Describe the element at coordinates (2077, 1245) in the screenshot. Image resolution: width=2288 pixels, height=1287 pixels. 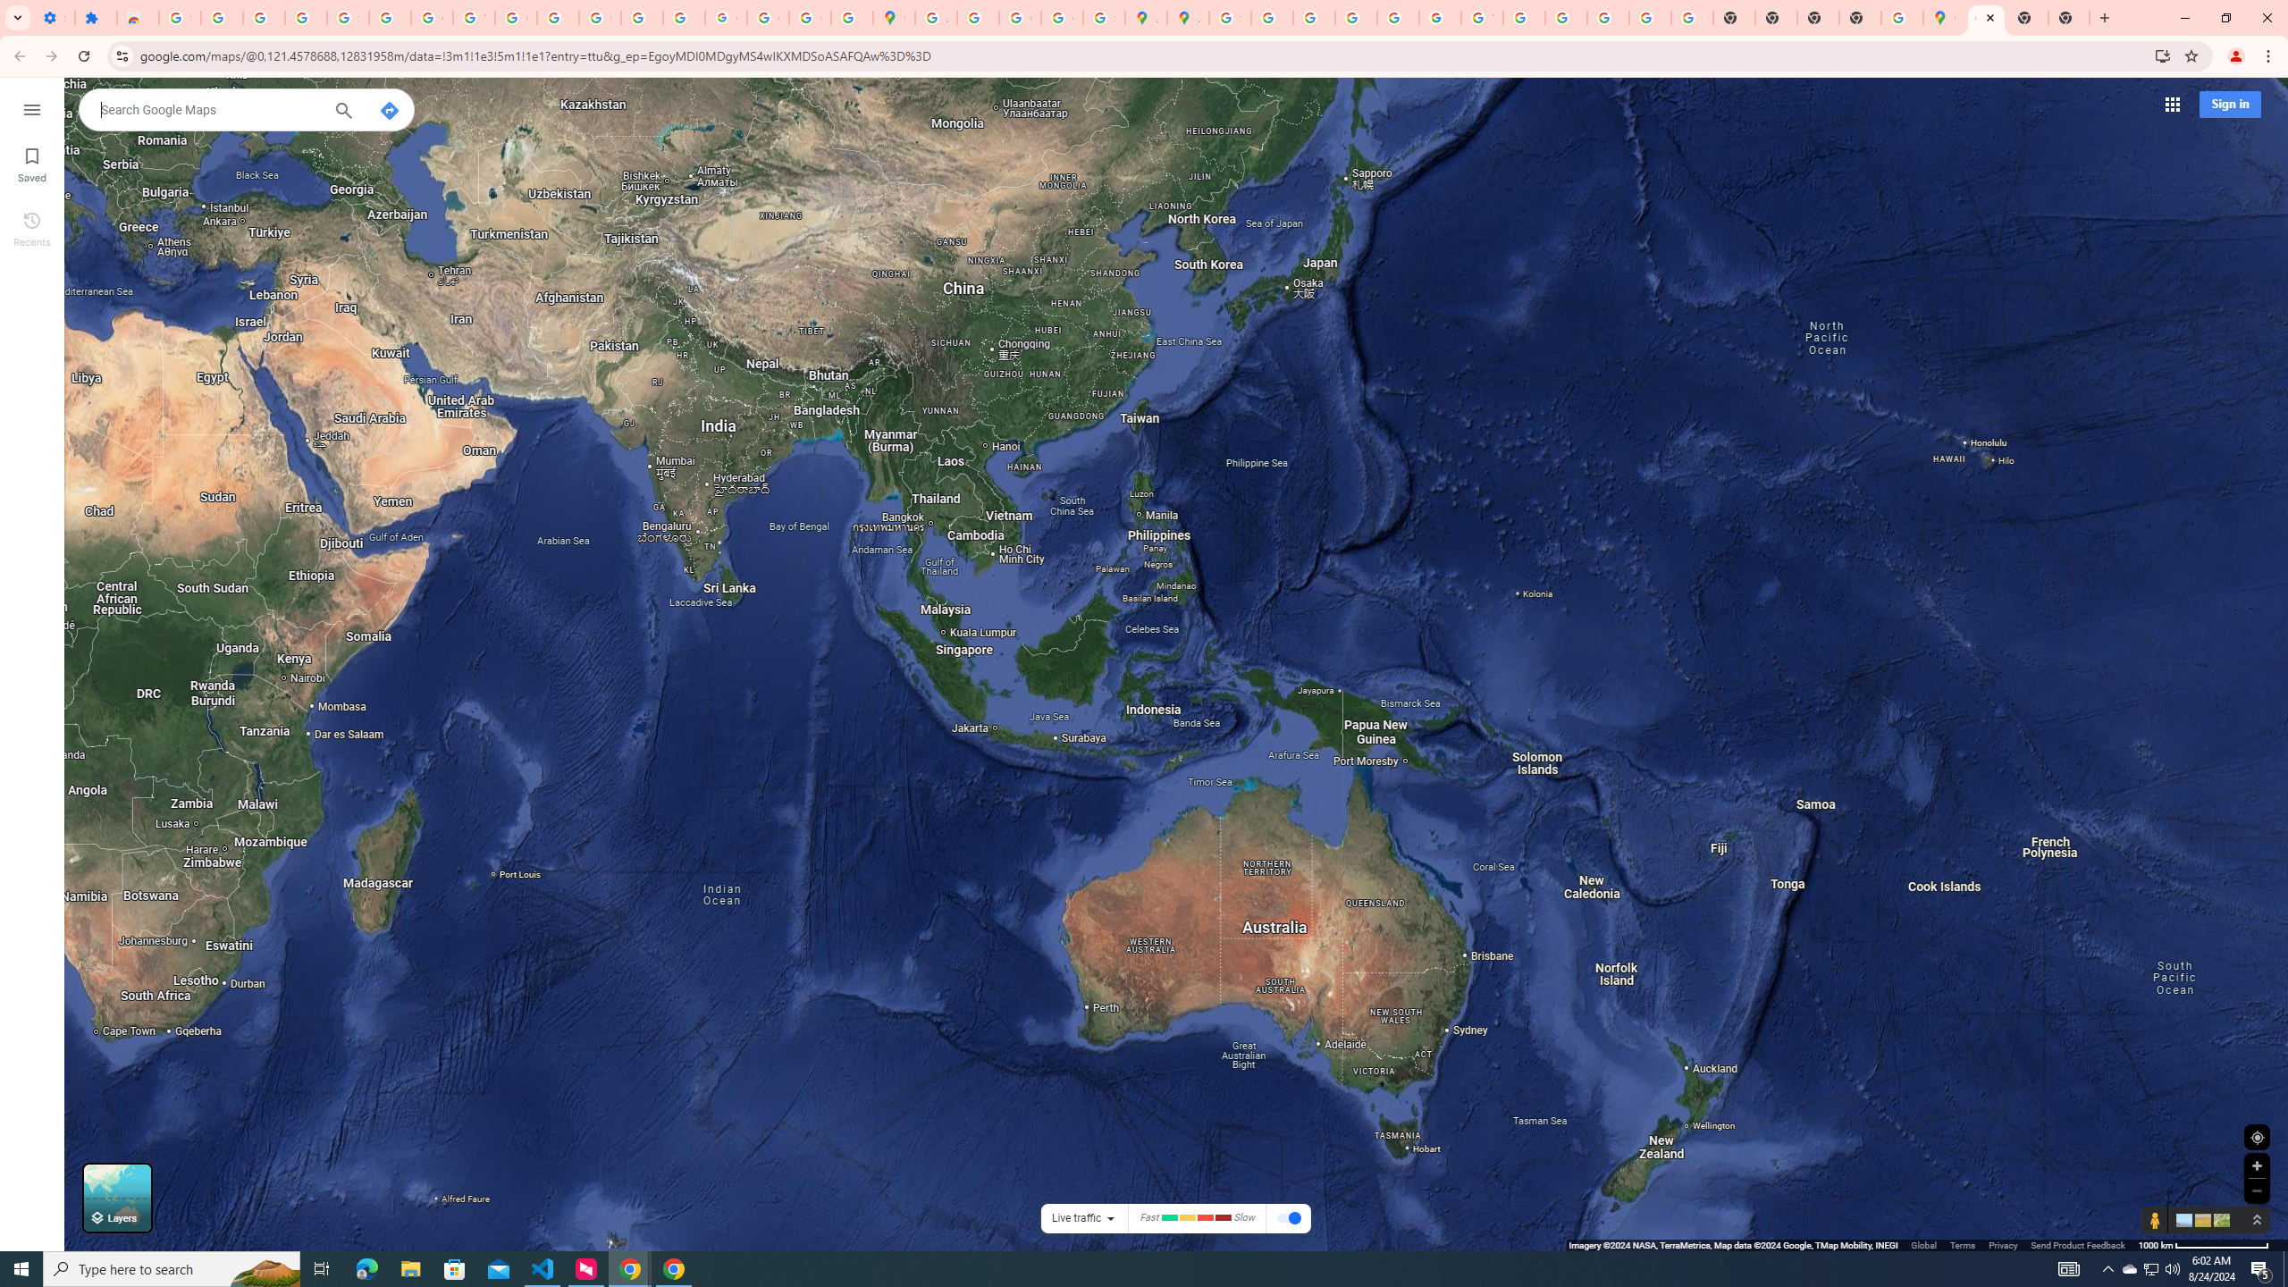
I see `'Send Product Feedback'` at that location.